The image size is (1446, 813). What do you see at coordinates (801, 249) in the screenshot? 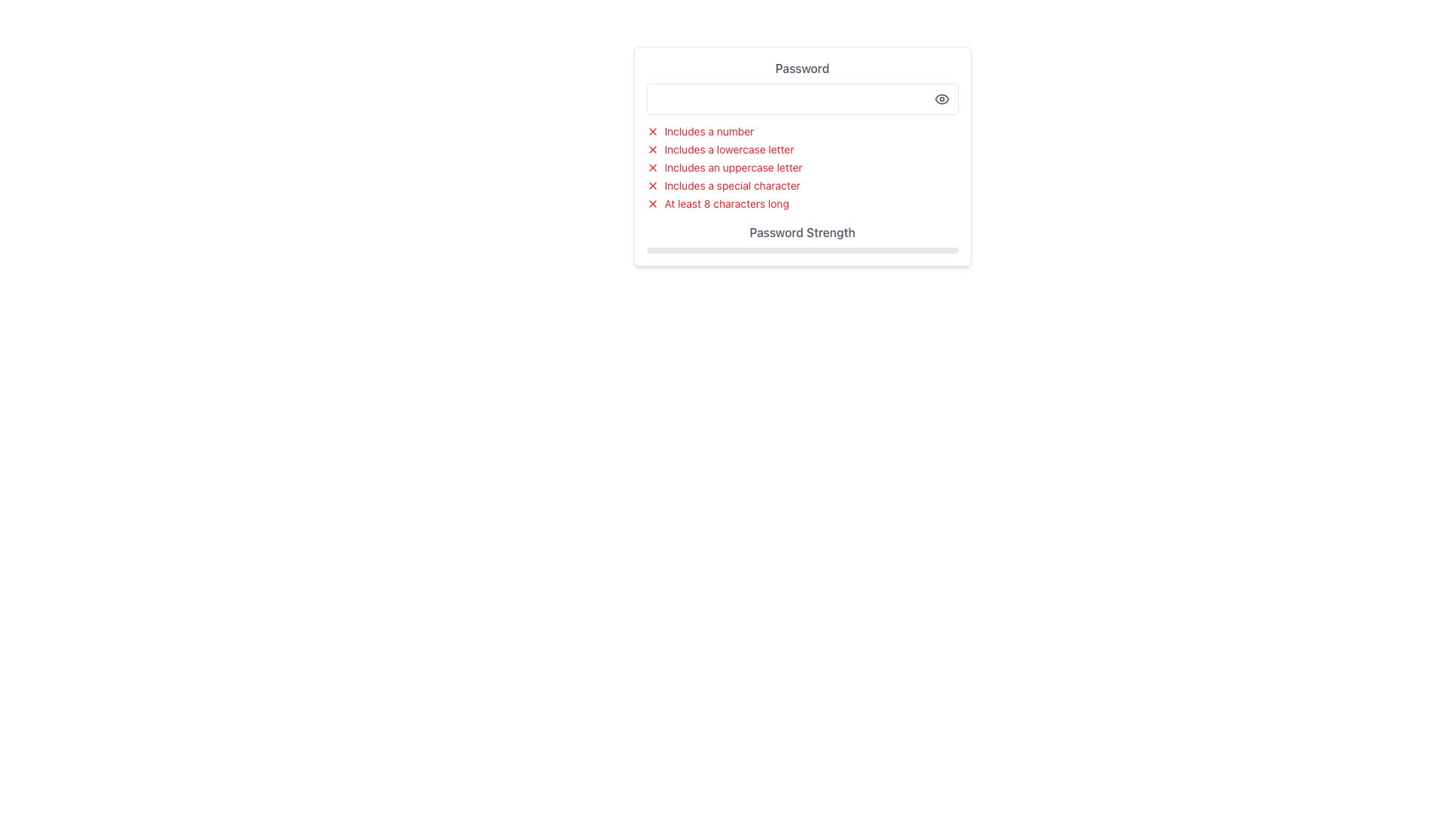
I see `the Progress Bar located below the 'Password Strength' text` at bounding box center [801, 249].